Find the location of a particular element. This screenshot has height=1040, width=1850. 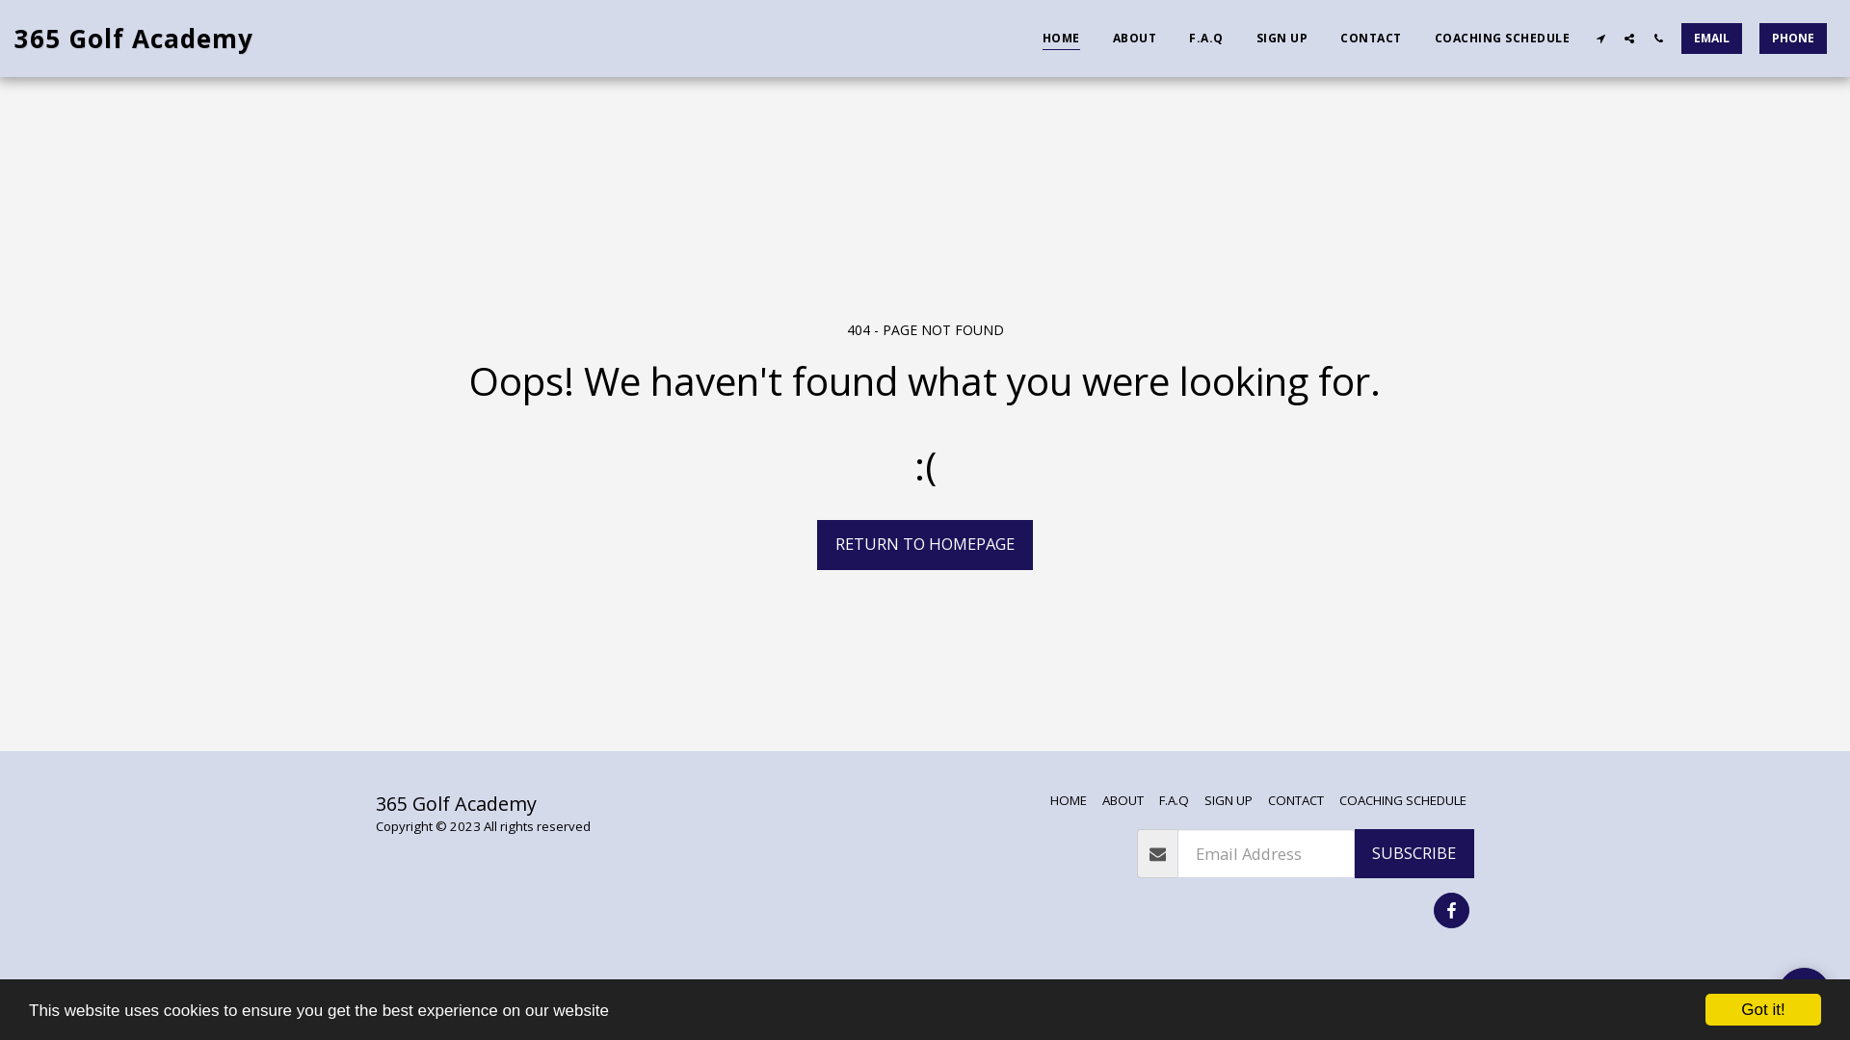

'SUBSCRIBE' is located at coordinates (1353, 853).